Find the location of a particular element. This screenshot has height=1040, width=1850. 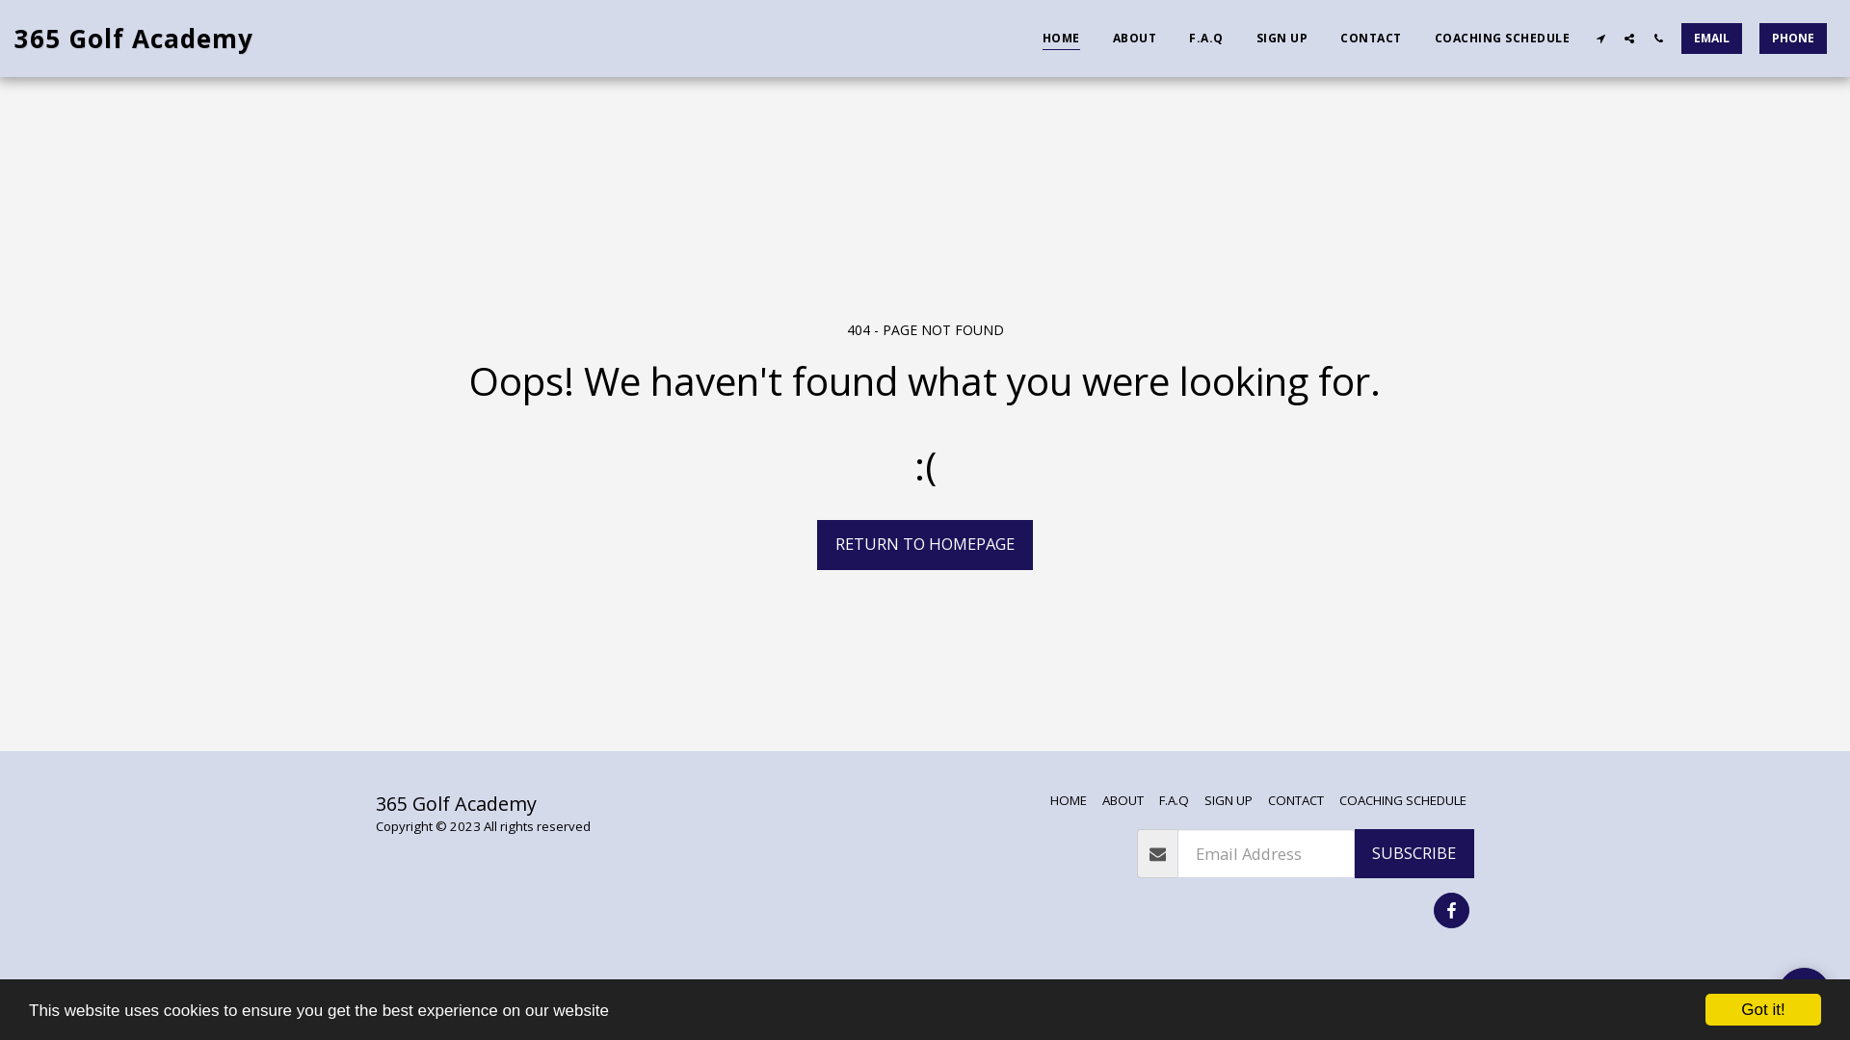

'SUBSCRIBE' is located at coordinates (1353, 853).